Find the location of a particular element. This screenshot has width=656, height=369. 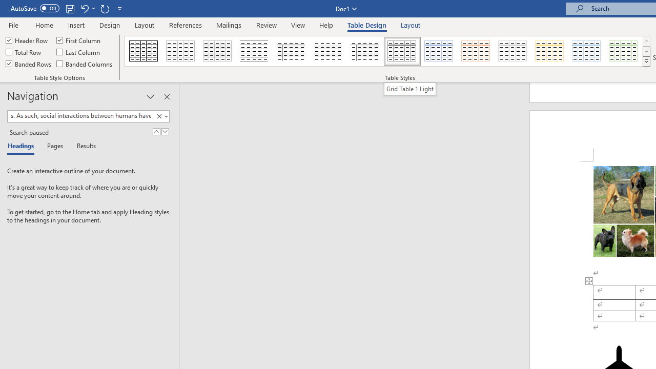

'Grid Table 1 Light - Accent 1' is located at coordinates (439, 51).